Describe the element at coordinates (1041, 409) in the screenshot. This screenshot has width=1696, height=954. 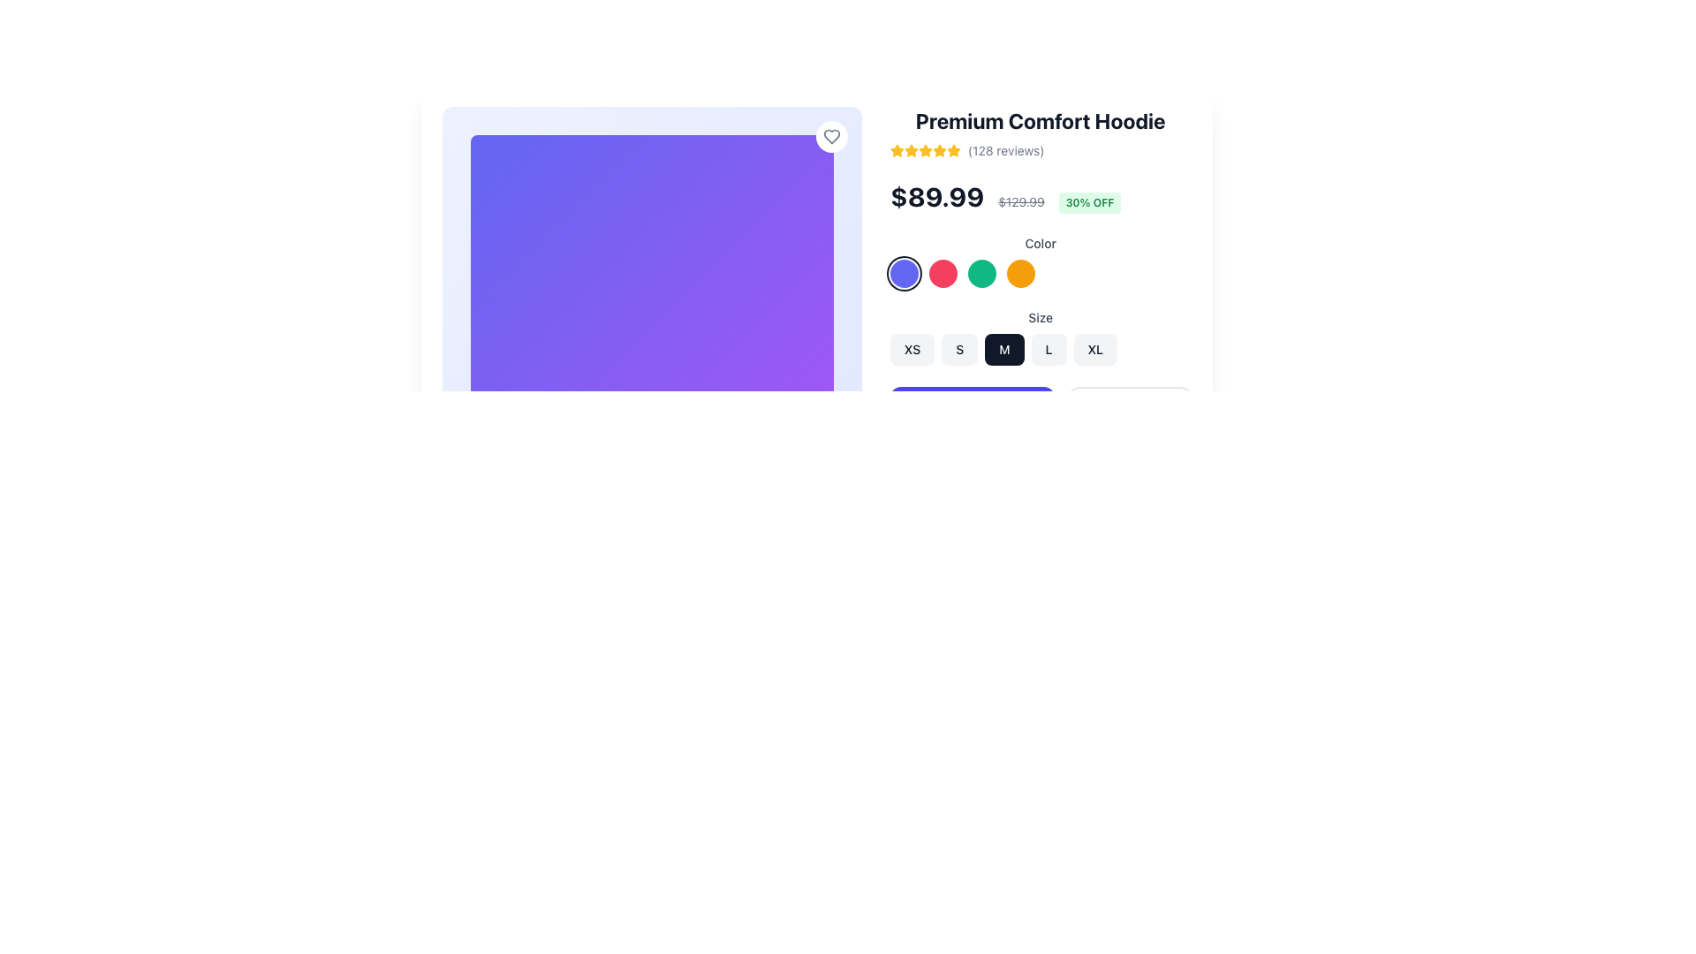
I see `the composite element containing the add to cart and preview buttons to provide visual feedback` at that location.